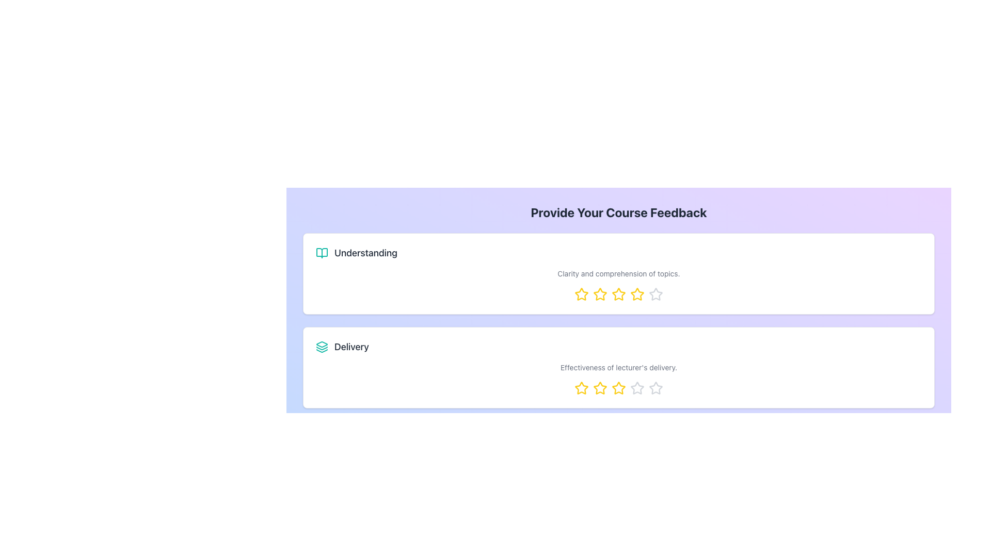  I want to click on the fifth star in the 5-star rating system under the 'Delivery' section, so click(656, 388).